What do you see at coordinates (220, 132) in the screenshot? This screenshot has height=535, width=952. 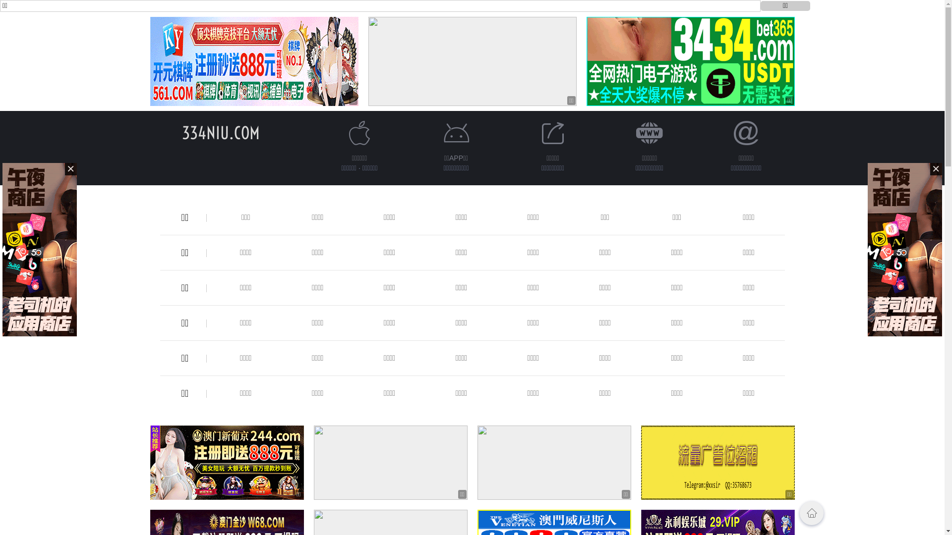 I see `'334NIU.COM'` at bounding box center [220, 132].